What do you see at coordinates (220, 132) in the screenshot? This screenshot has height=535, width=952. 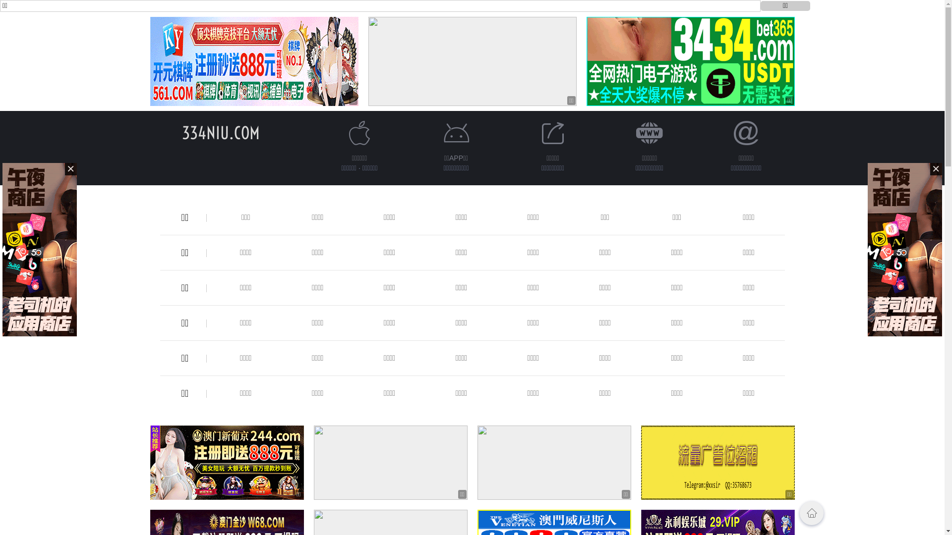 I see `'334NIU.COM'` at bounding box center [220, 132].